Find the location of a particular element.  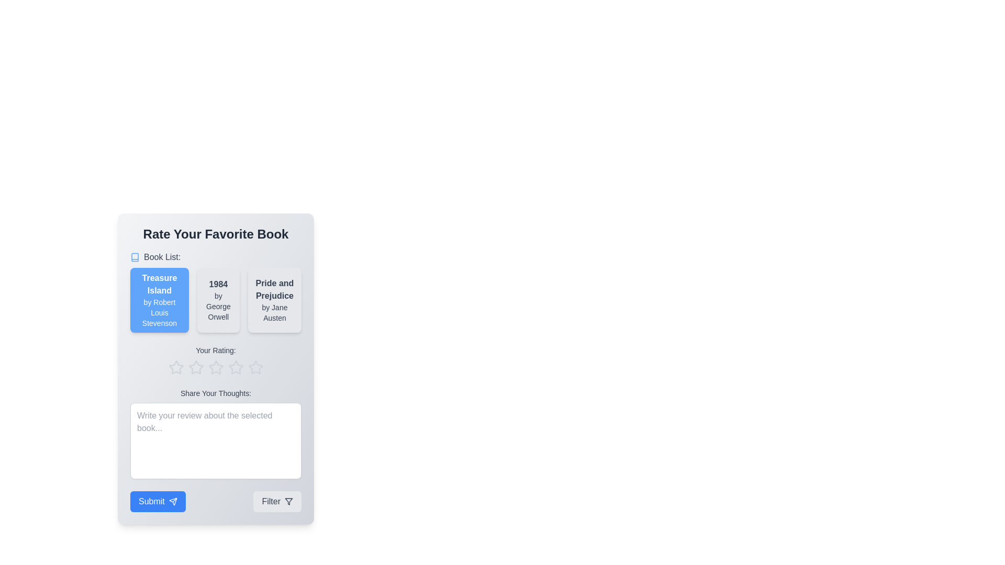

title text 'Treasure Island' which is located at the top of the first book item in the list, above the author text 'by Robert Louis Stevenson' is located at coordinates (159, 284).